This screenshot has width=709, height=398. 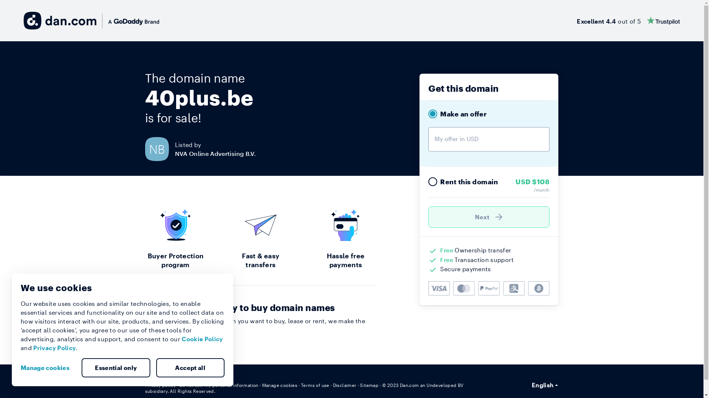 I want to click on 'Accept all', so click(x=190, y=368).